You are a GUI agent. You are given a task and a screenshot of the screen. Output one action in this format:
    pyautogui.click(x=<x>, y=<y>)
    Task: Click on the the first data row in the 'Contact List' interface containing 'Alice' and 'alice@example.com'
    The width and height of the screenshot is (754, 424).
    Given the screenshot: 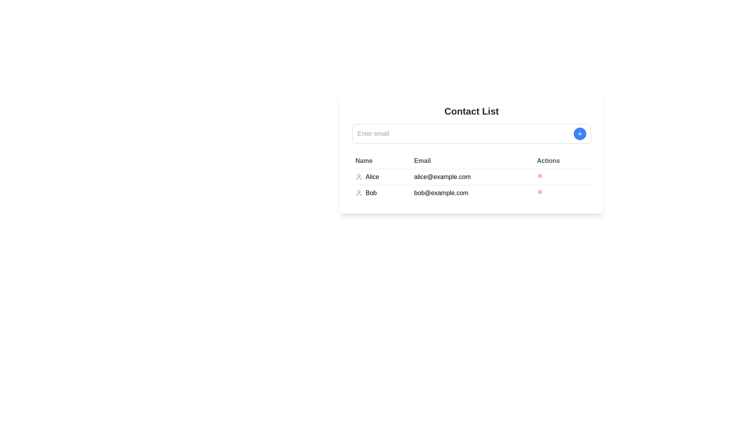 What is the action you would take?
    pyautogui.click(x=471, y=185)
    